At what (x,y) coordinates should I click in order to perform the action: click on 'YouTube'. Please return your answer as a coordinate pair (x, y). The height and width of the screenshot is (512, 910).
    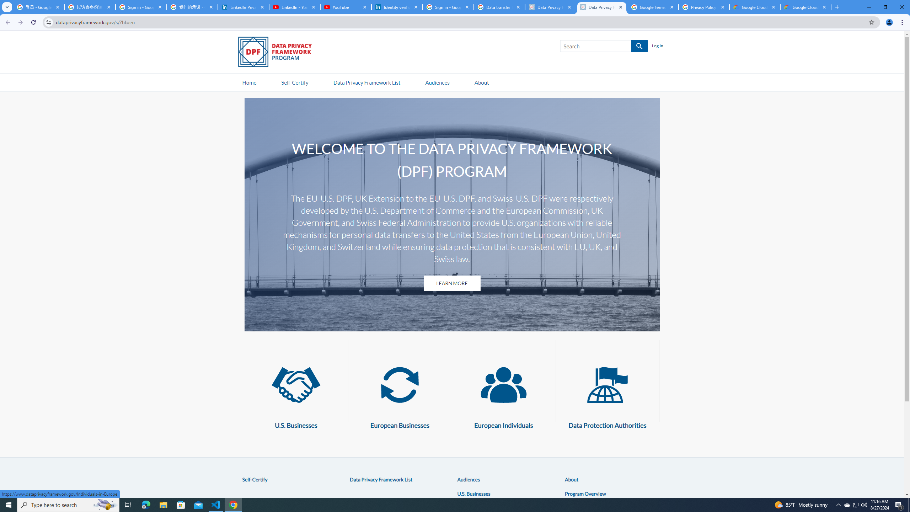
    Looking at the image, I should click on (345, 7).